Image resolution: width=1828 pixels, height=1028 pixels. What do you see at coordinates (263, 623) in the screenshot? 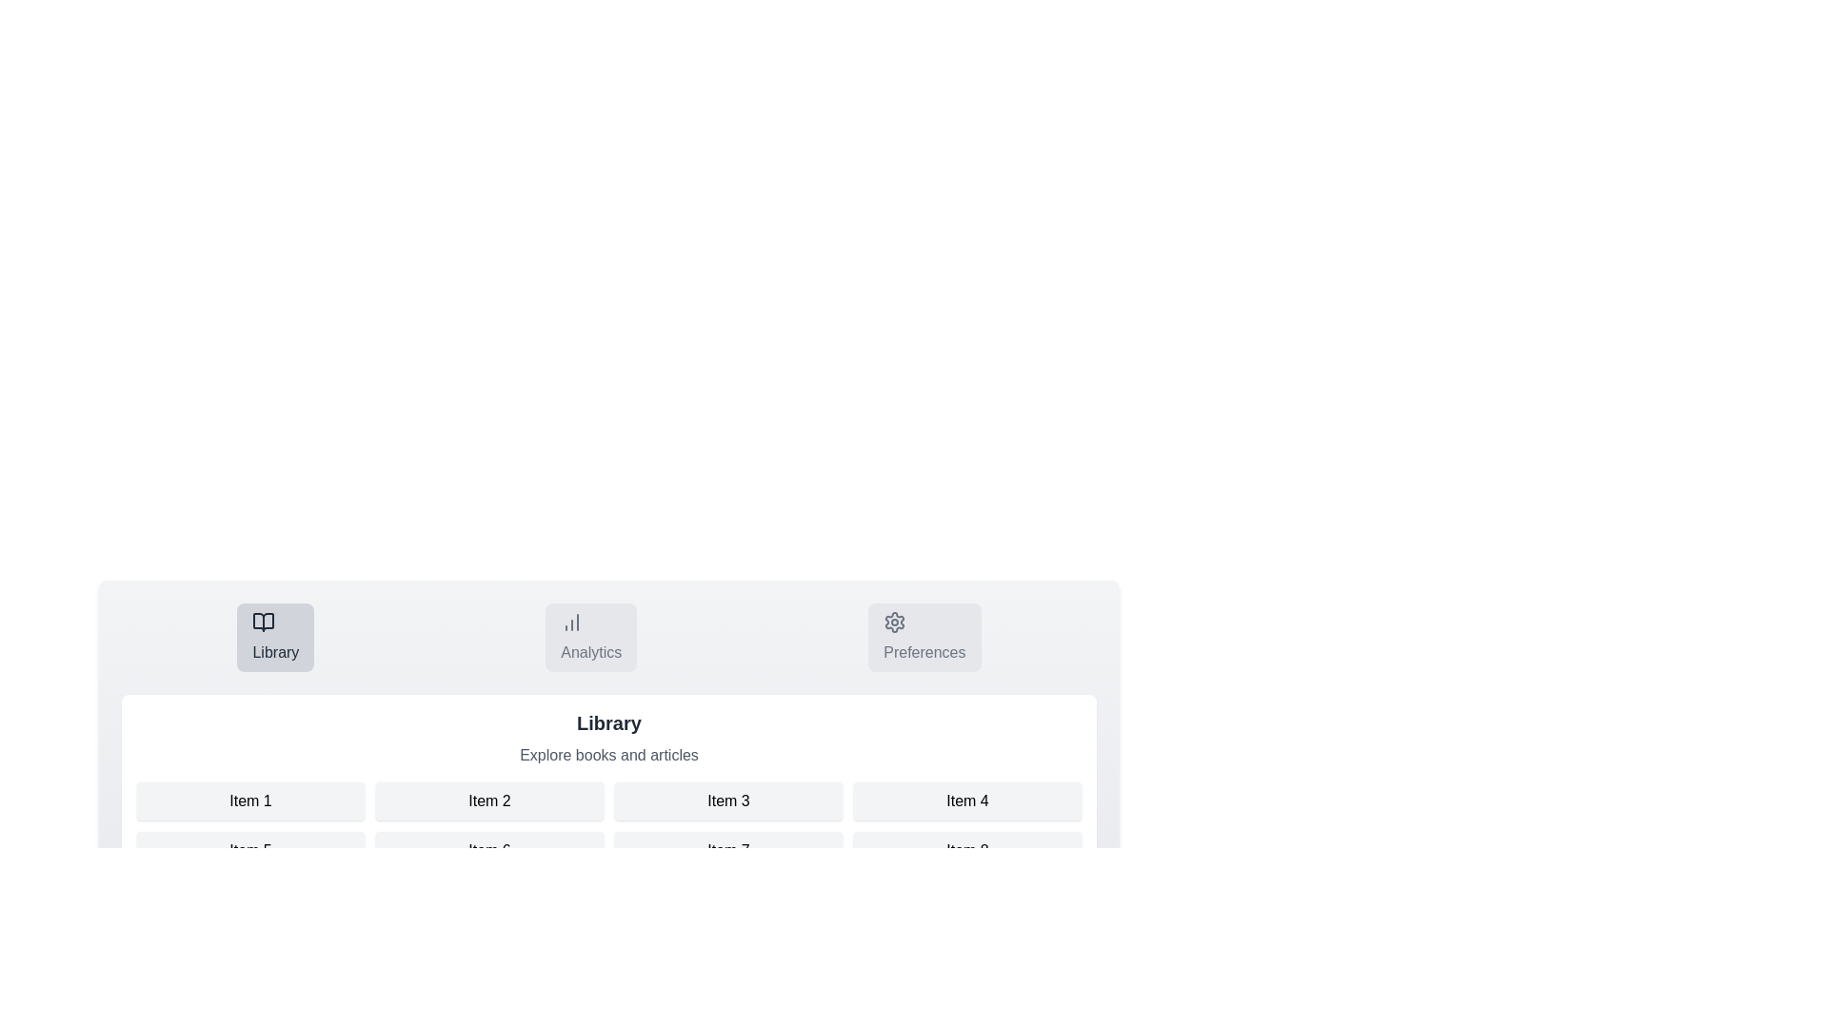
I see `the icon of the Library tab to switch to it` at bounding box center [263, 623].